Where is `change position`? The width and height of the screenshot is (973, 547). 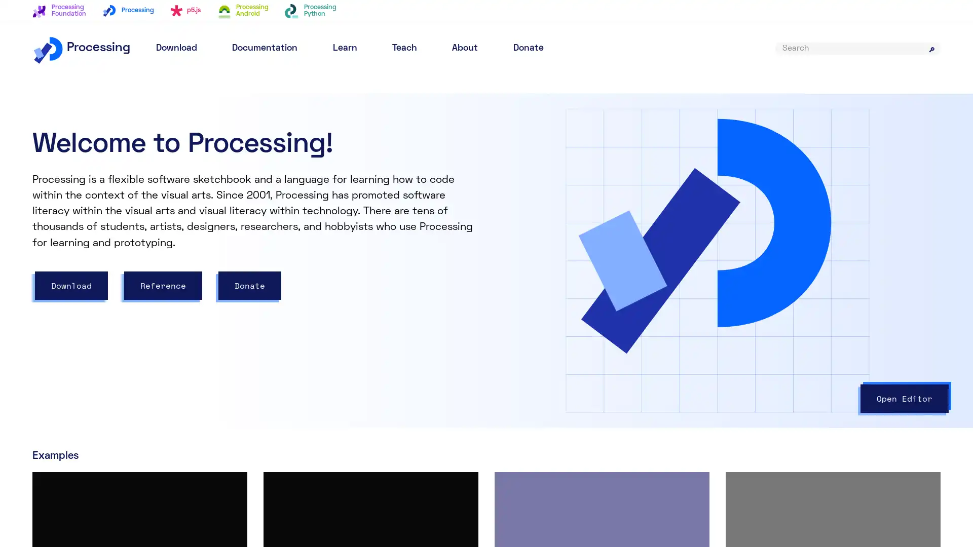
change position is located at coordinates (591, 265).